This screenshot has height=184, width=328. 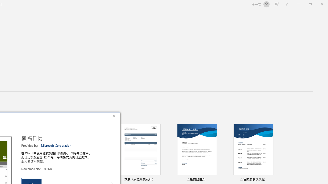 I want to click on 'Pin to list', so click(x=275, y=179).